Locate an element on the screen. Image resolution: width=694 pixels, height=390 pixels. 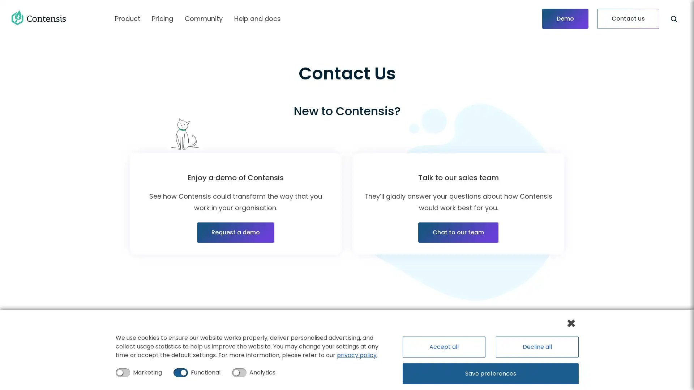
Search this site is located at coordinates (673, 18).